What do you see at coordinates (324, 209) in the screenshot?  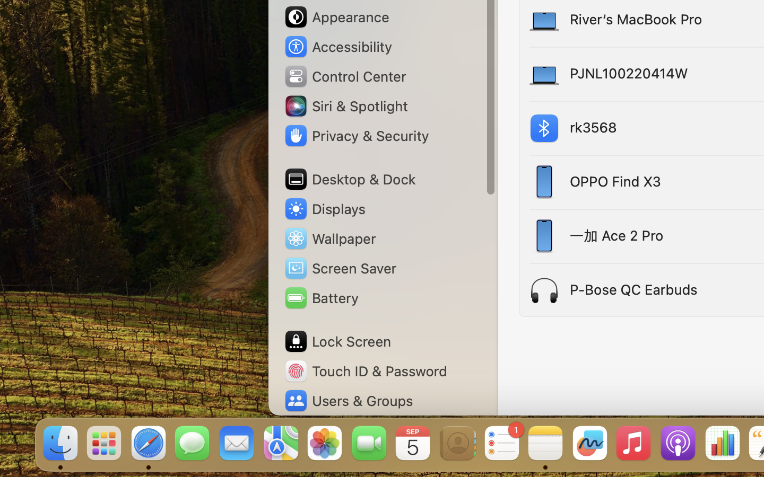 I see `'Displays'` at bounding box center [324, 209].